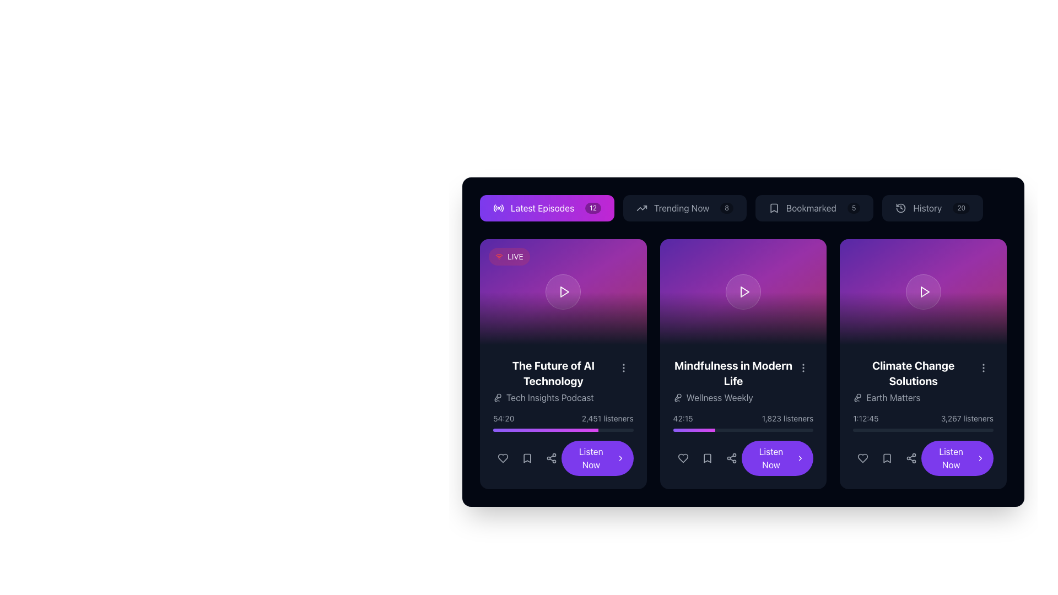 This screenshot has width=1058, height=595. I want to click on the 'Listen Now' button, which is a rounded rectangular button with a violet gradient background and white text, located in the bottom section of the third card in a row of cards, so click(957, 458).